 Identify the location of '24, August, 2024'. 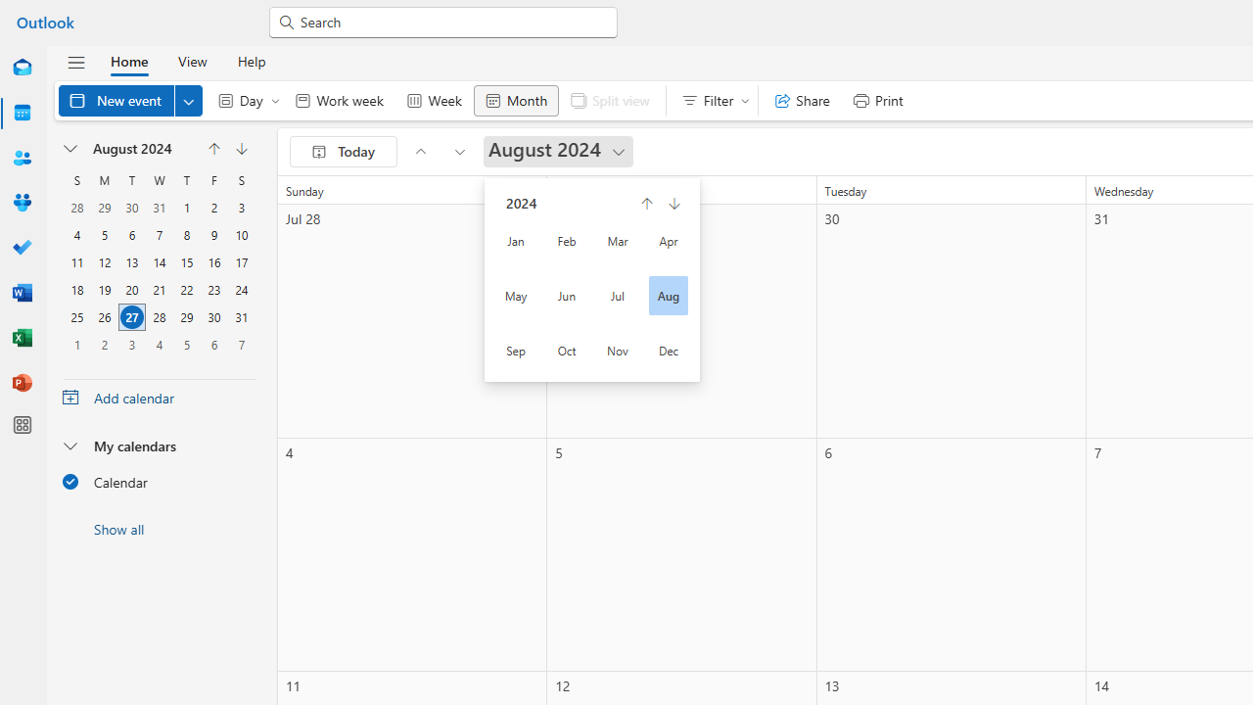
(241, 289).